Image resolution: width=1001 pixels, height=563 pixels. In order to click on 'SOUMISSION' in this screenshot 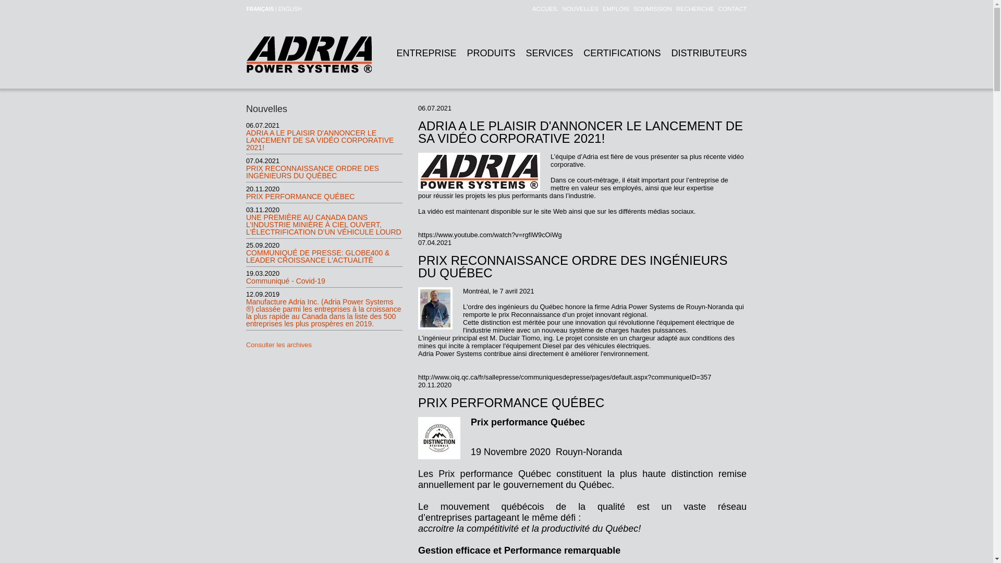, I will do `click(650, 8)`.